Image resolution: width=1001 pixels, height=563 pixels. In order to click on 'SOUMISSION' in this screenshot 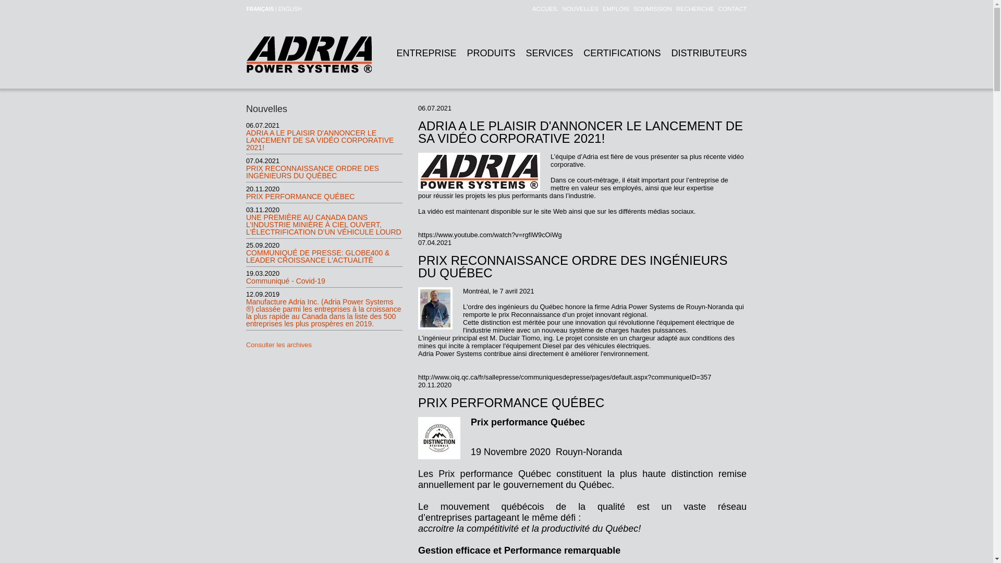, I will do `click(650, 8)`.